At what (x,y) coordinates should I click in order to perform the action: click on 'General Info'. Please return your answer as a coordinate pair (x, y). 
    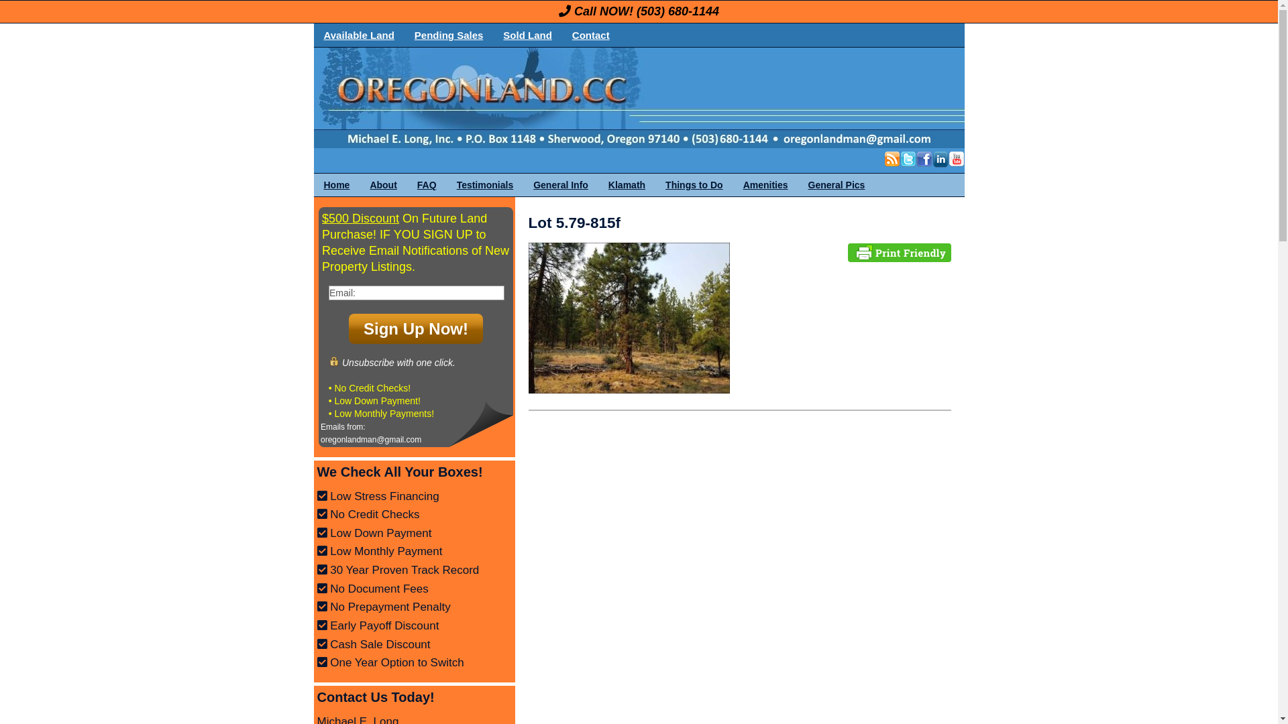
    Looking at the image, I should click on (560, 185).